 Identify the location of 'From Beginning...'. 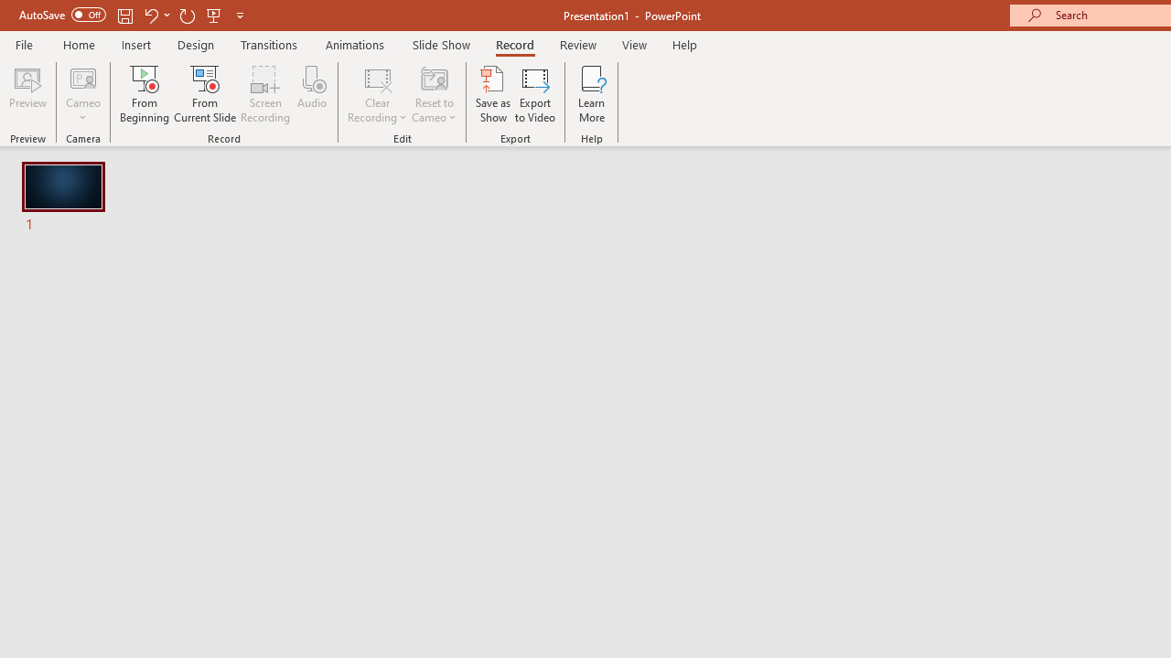
(144, 94).